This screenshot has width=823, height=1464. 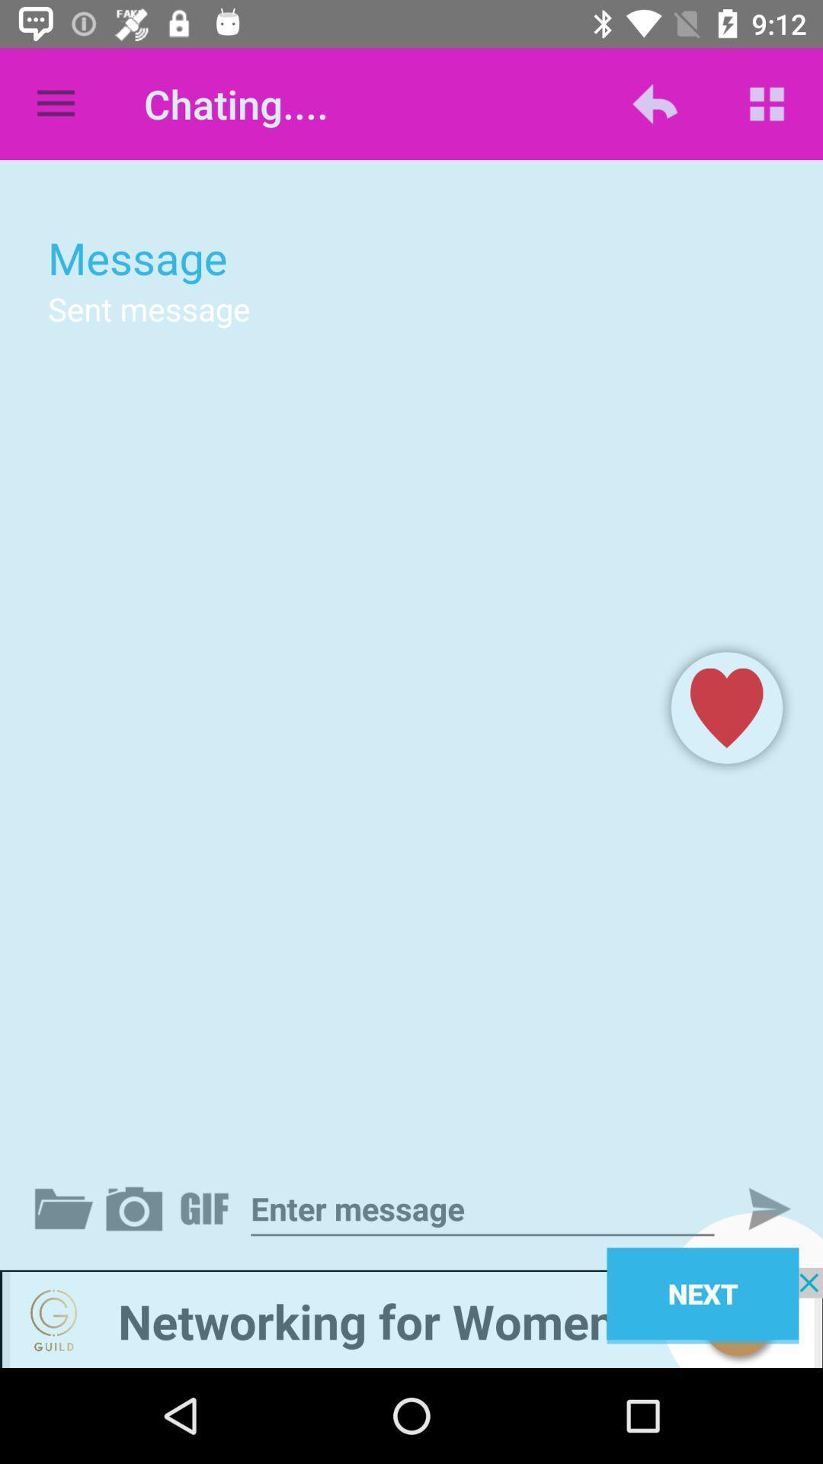 I want to click on submit, so click(x=756, y=1208).